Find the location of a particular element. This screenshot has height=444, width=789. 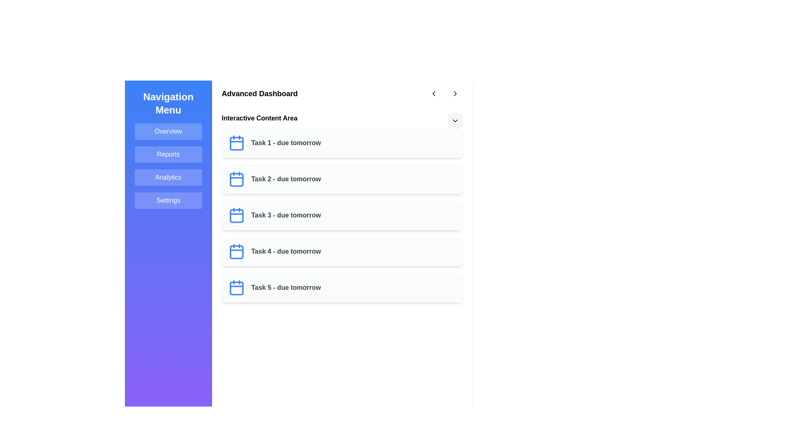

the navigational button located at the top of the vertical list in the left navigation menu, which redirects to an overview or summary section, to trigger a visual change is located at coordinates (168, 131).